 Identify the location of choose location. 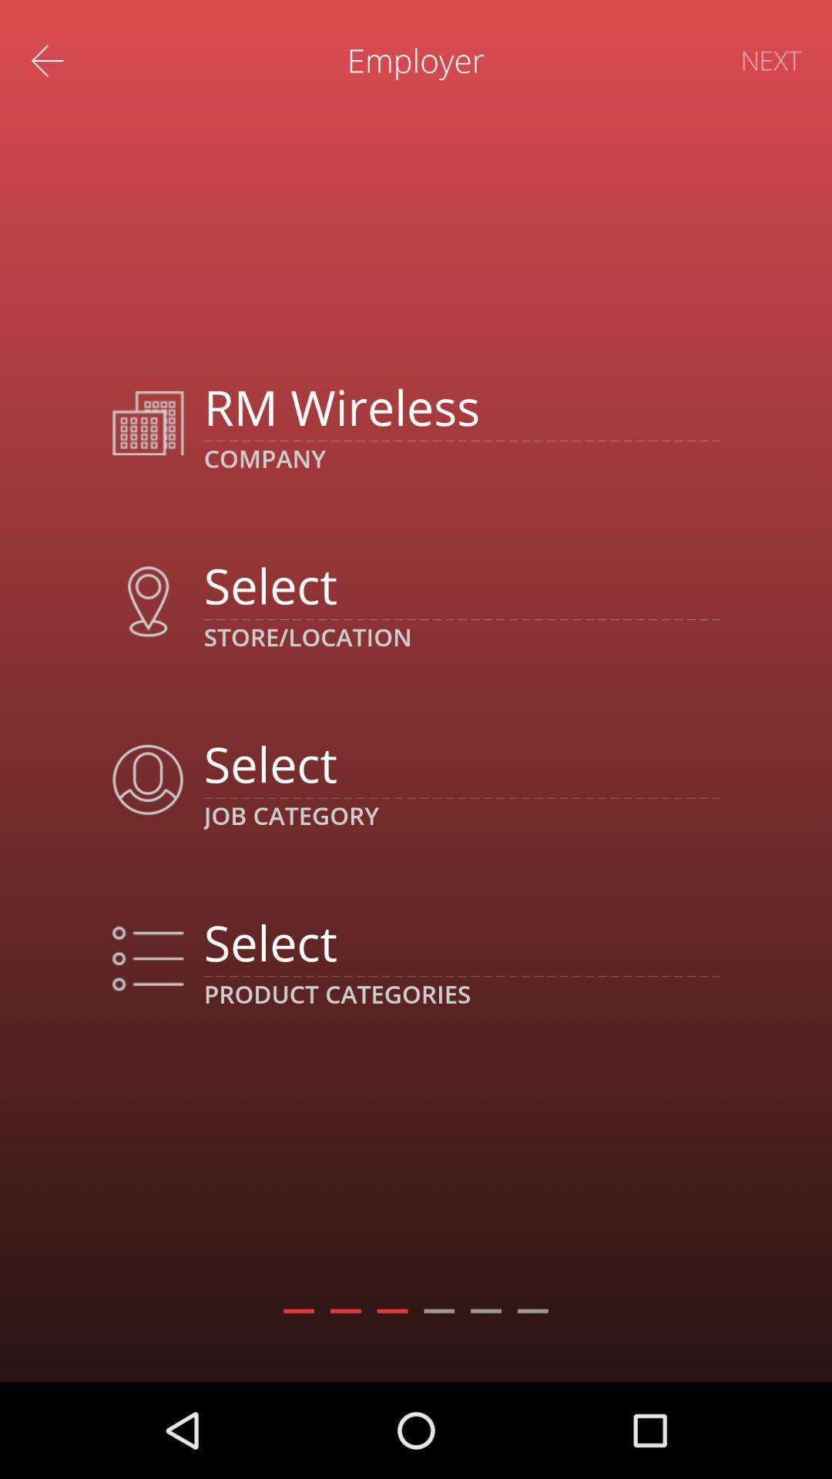
(461, 584).